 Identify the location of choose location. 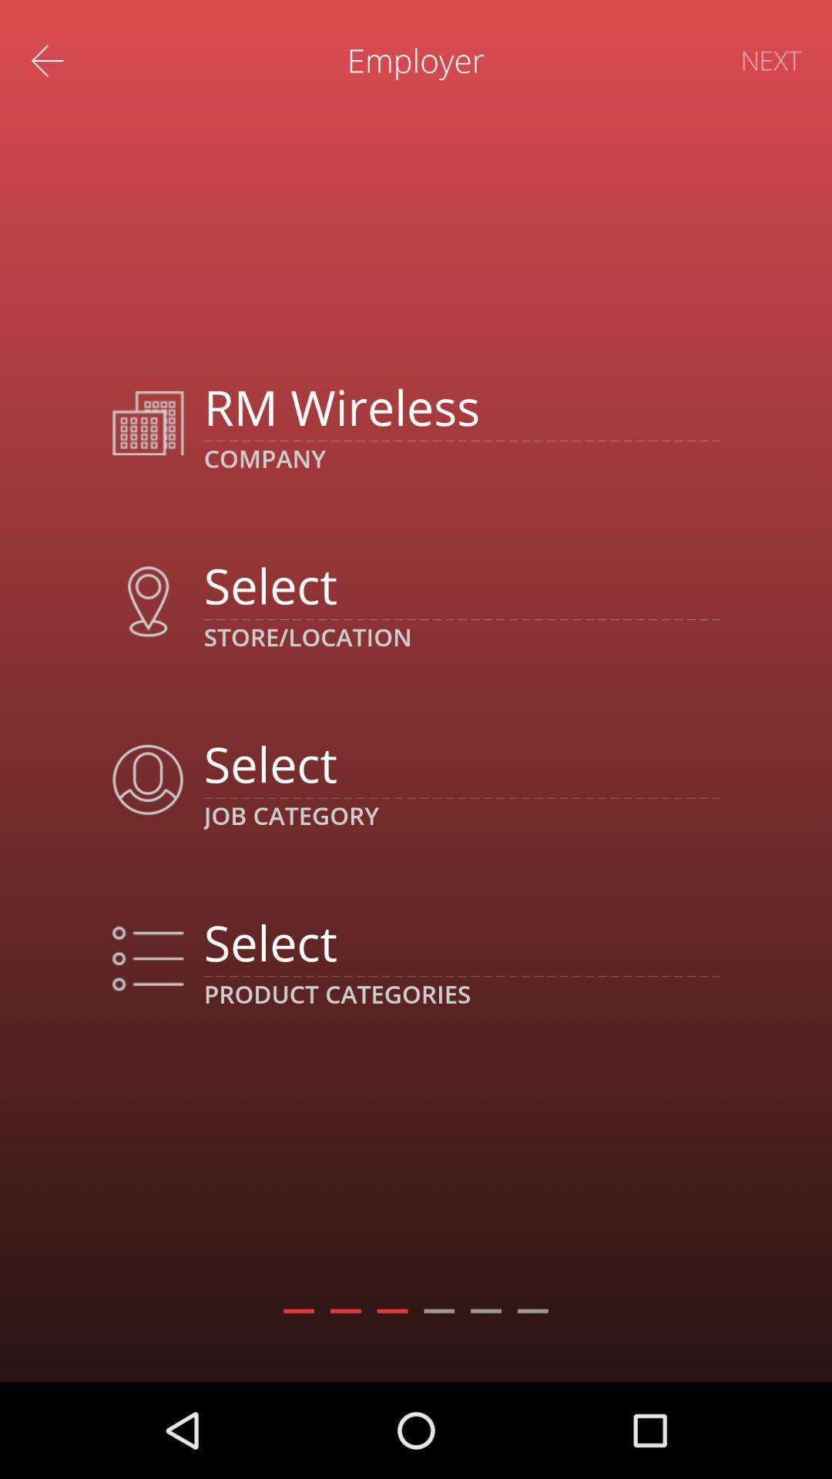
(461, 584).